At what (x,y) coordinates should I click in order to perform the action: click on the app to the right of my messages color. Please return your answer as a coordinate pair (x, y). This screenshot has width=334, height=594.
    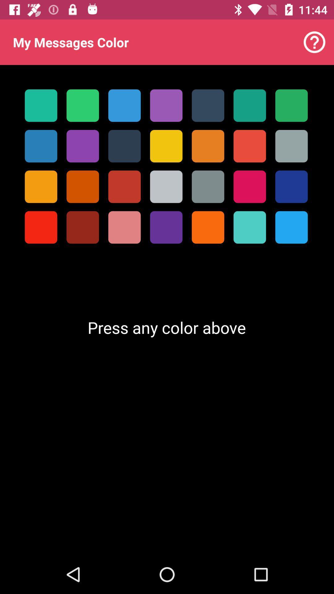
    Looking at the image, I should click on (315, 42).